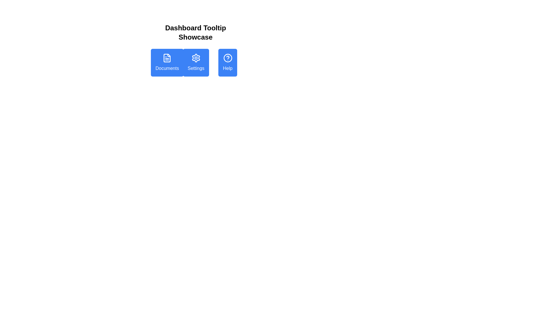 The height and width of the screenshot is (312, 556). I want to click on the blue rectangular button labeled 'Documents' which is the first button in a row under the 'Dashboard Tooltip Showcase' heading, so click(163, 62).